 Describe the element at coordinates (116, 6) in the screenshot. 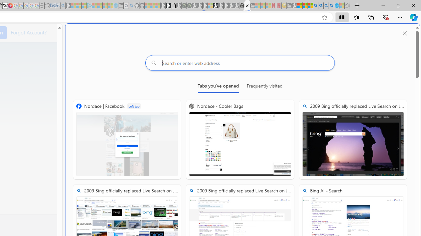

I see `'Home | Sky Blue Bikes - Sky Blue Bikes - Sleeping'` at that location.